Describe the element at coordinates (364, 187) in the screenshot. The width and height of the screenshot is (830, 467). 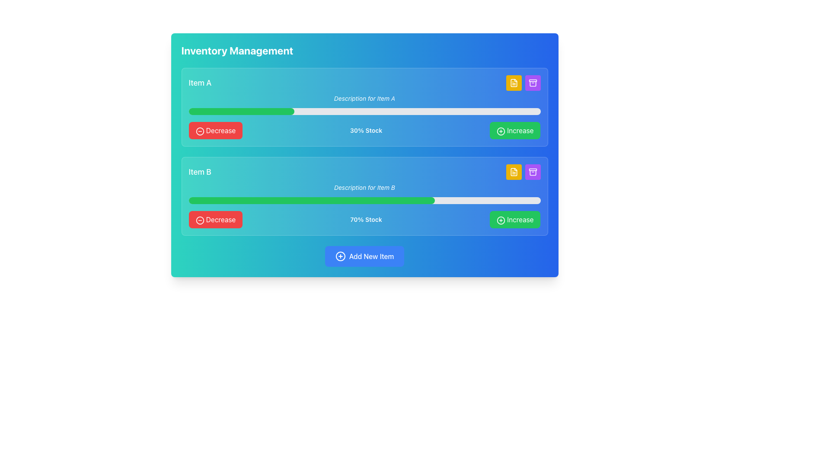
I see `the text label displaying 'Description for Item B', which is styled in italic and positioned above the progress bar labeled '70% Stock'` at that location.